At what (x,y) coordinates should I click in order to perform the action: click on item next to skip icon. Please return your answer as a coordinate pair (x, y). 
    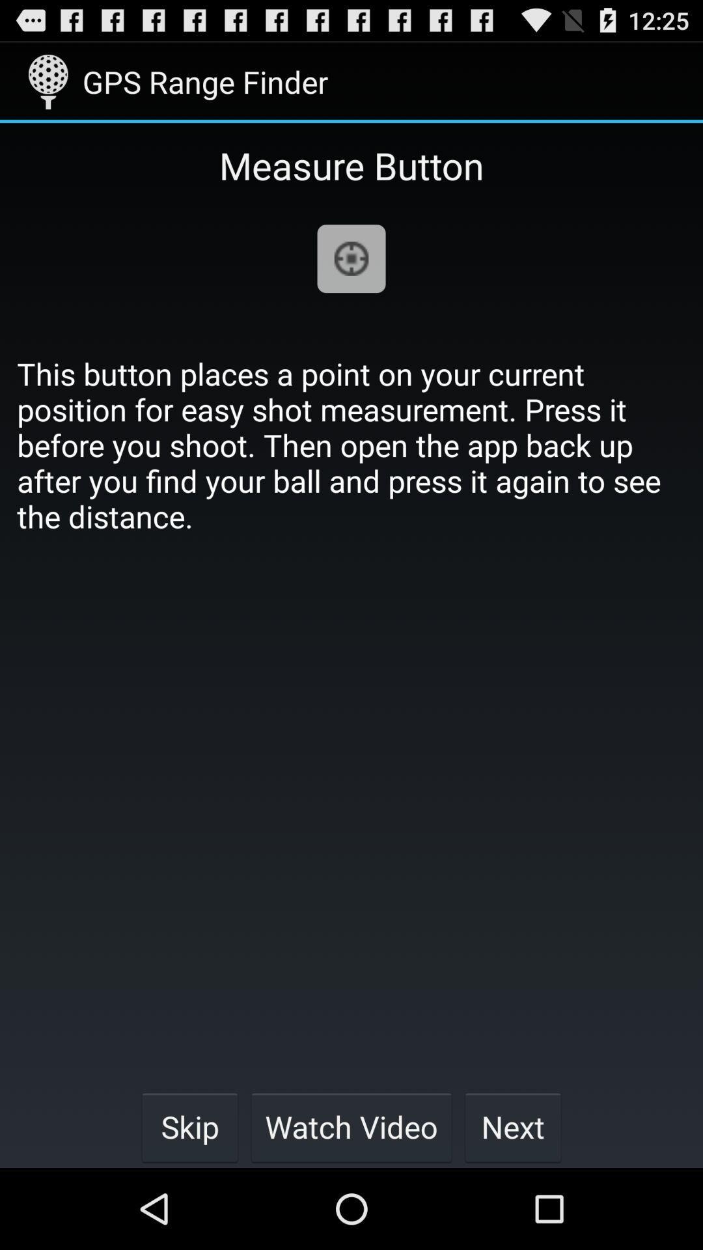
    Looking at the image, I should click on (351, 1126).